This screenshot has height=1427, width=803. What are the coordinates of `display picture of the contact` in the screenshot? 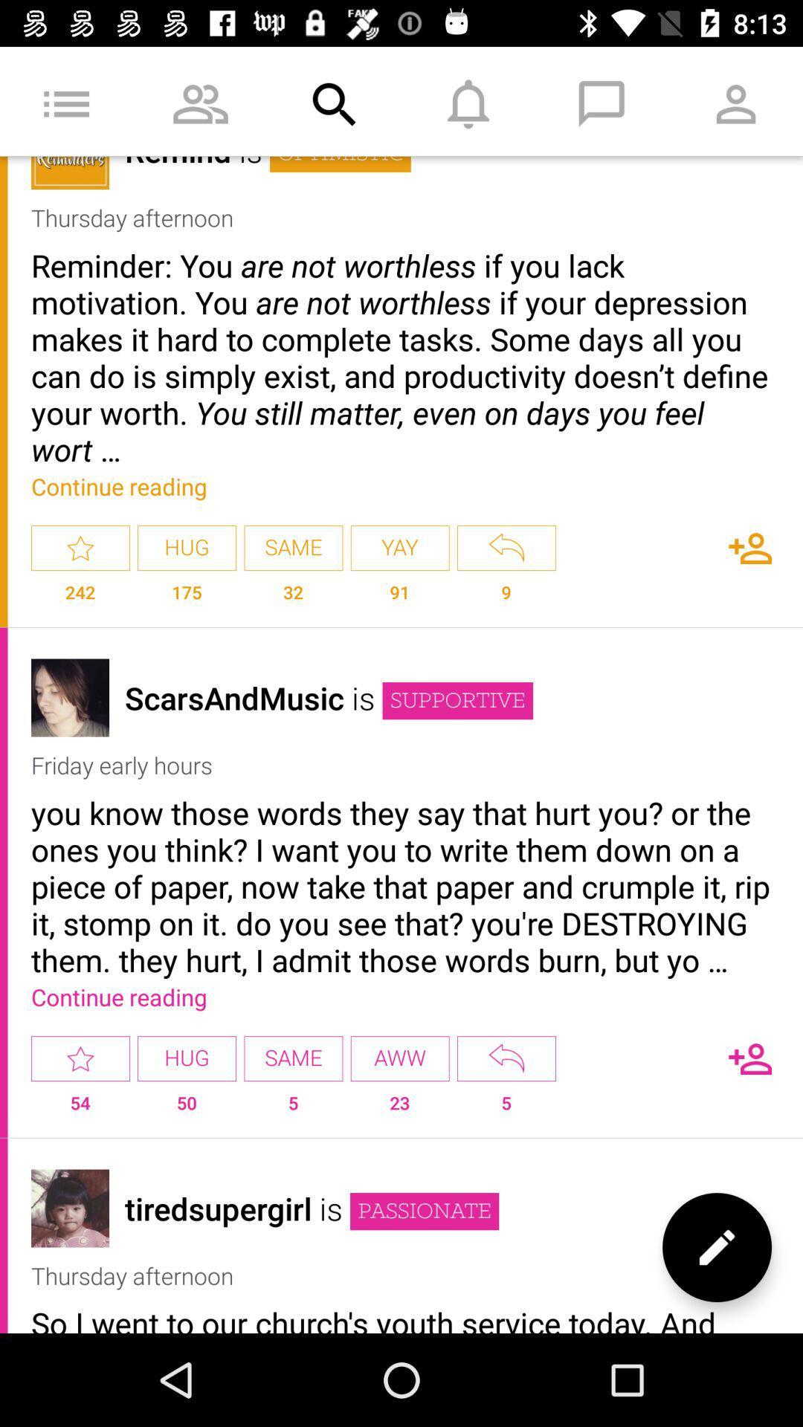 It's located at (70, 1208).